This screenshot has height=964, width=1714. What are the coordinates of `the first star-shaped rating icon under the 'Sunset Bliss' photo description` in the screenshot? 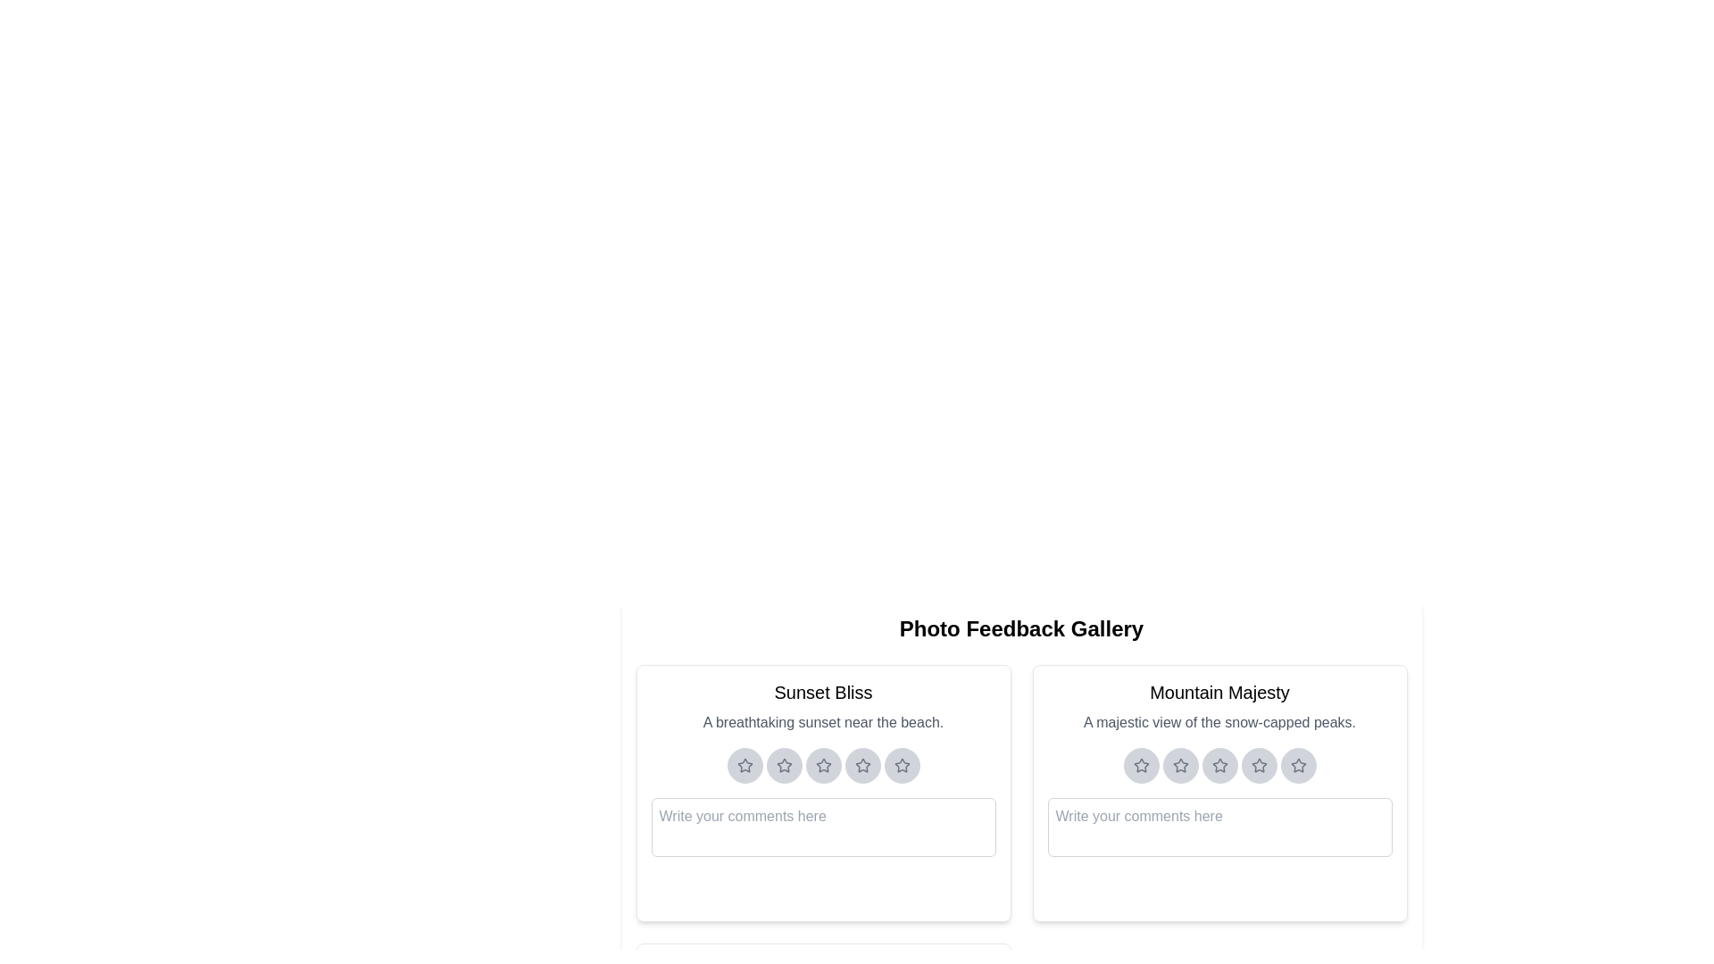 It's located at (745, 764).